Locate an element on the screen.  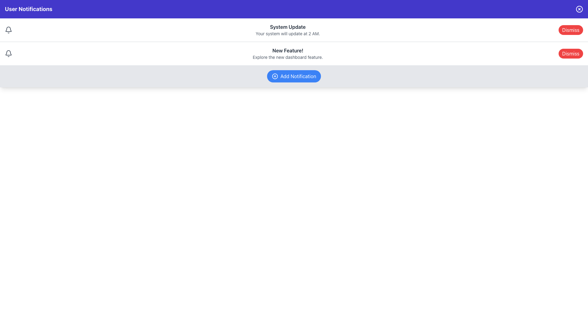
the bell icon representing notifications or alerts on the notification card containing 'System Update' and 'Your system will update at 2 AM.' is located at coordinates (9, 30).